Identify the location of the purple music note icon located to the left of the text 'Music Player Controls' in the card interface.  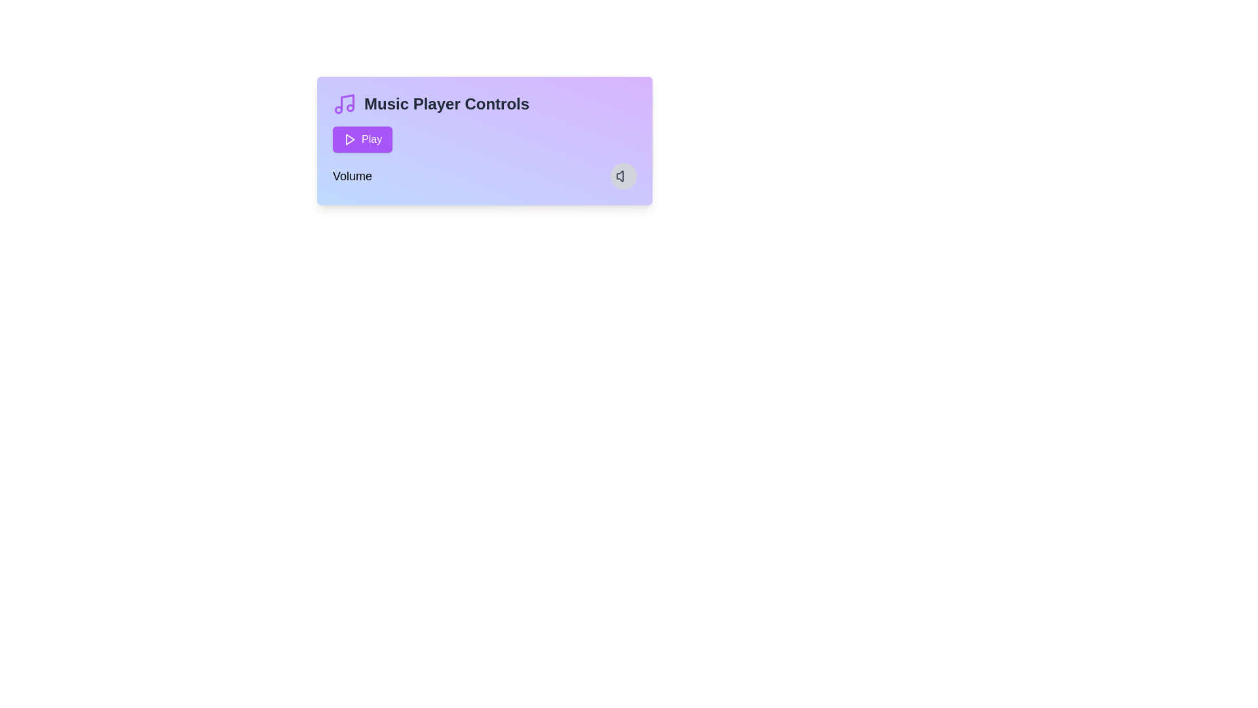
(345, 103).